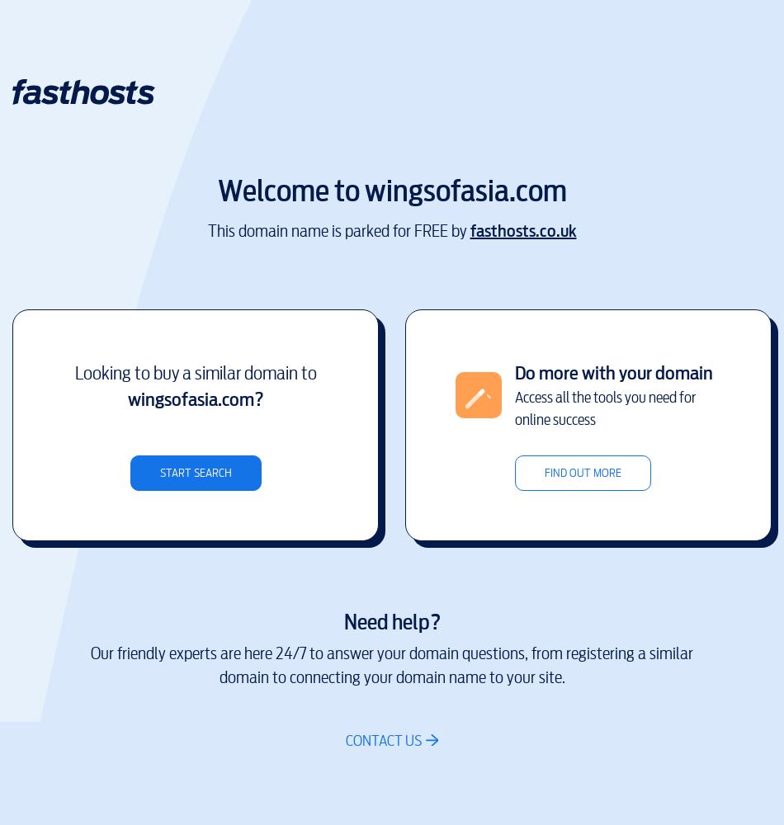 The image size is (784, 825). What do you see at coordinates (195, 471) in the screenshot?
I see `'Start search'` at bounding box center [195, 471].